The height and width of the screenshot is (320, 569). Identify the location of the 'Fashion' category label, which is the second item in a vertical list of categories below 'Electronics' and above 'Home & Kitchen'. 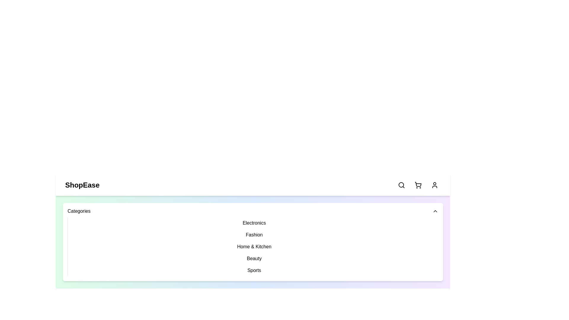
(254, 235).